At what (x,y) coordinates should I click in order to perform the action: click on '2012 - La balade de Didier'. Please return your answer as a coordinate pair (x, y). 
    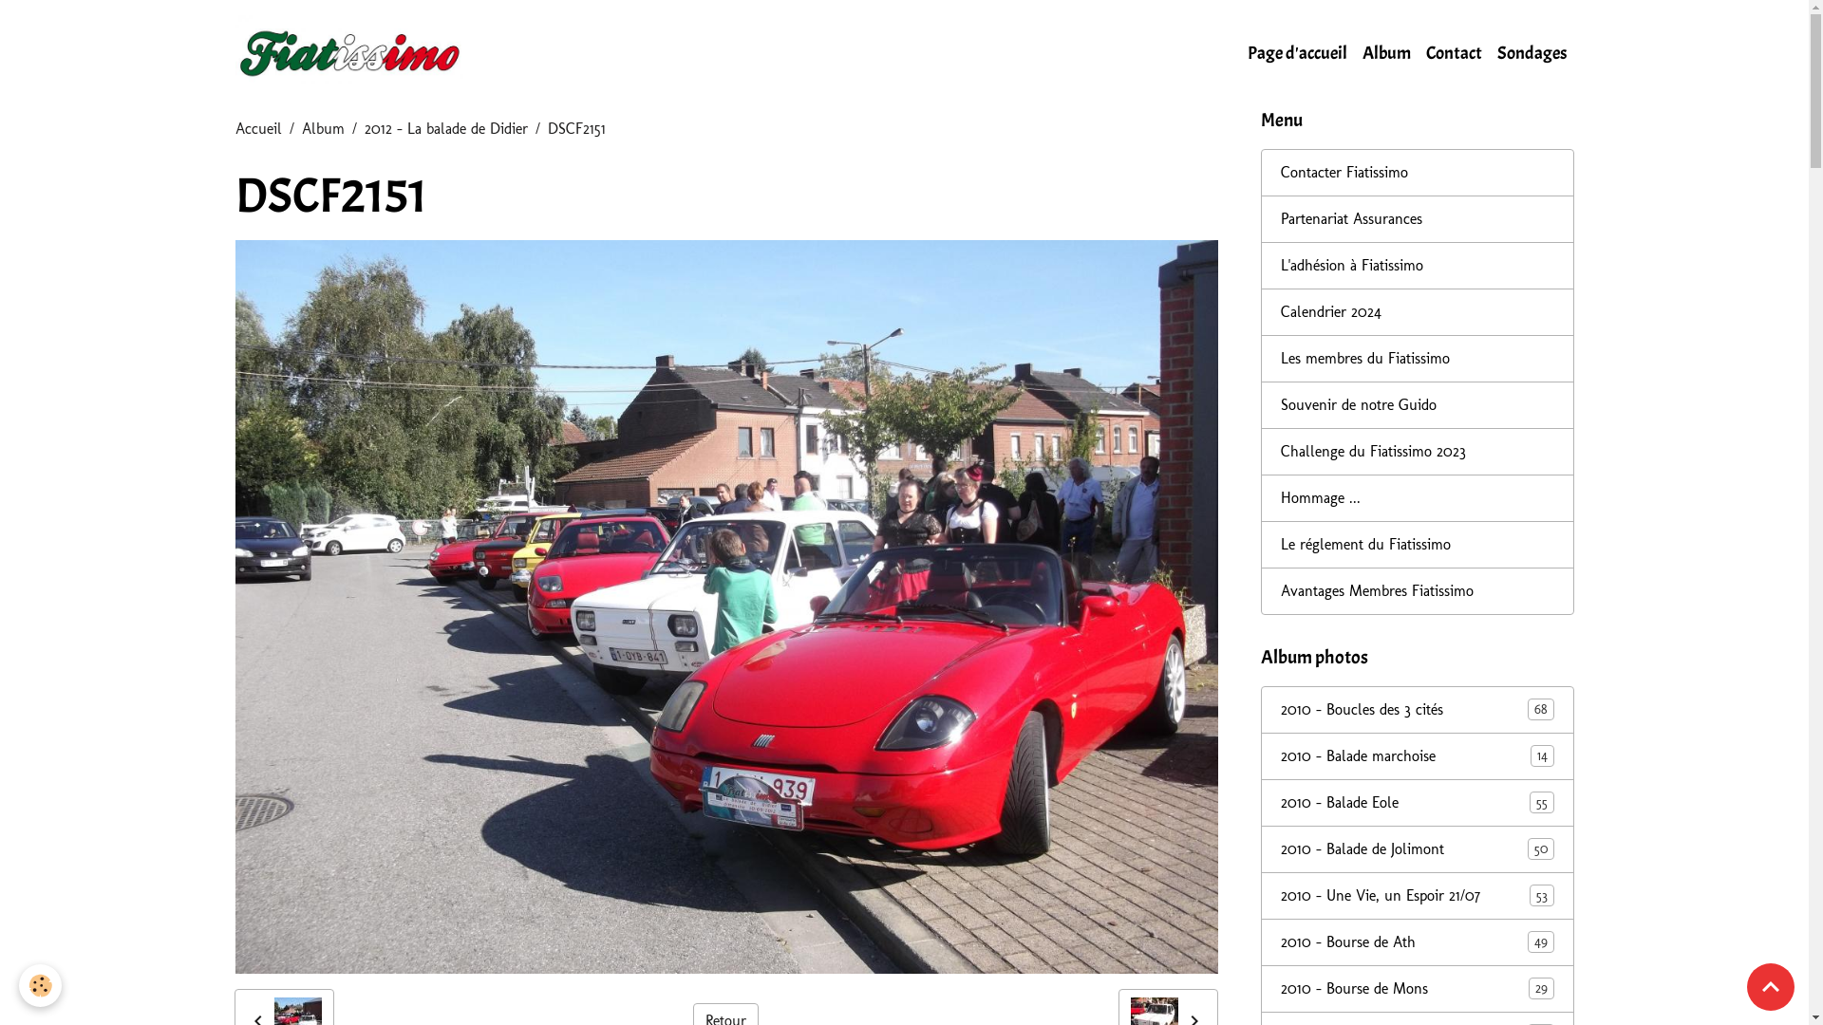
    Looking at the image, I should click on (365, 128).